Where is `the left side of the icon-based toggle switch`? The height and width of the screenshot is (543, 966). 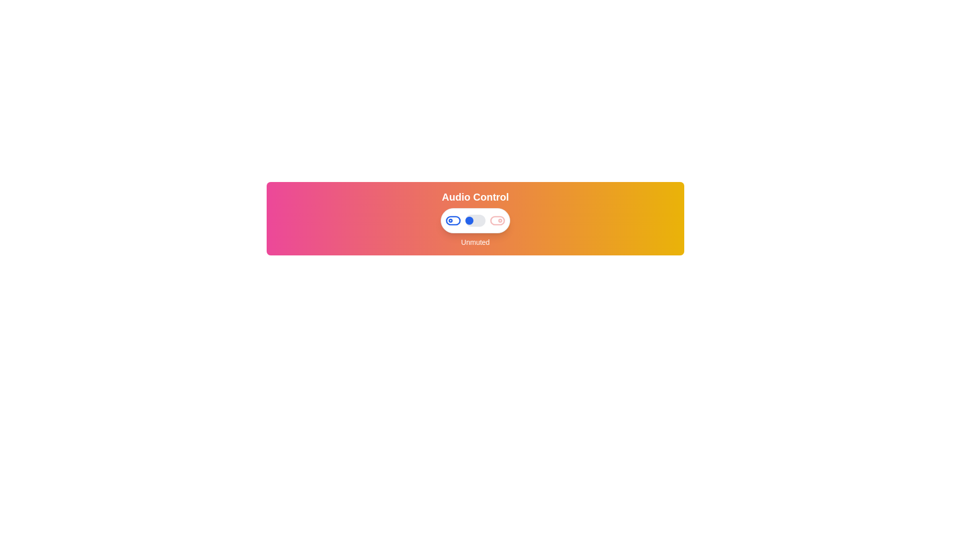 the left side of the icon-based toggle switch is located at coordinates (453, 220).